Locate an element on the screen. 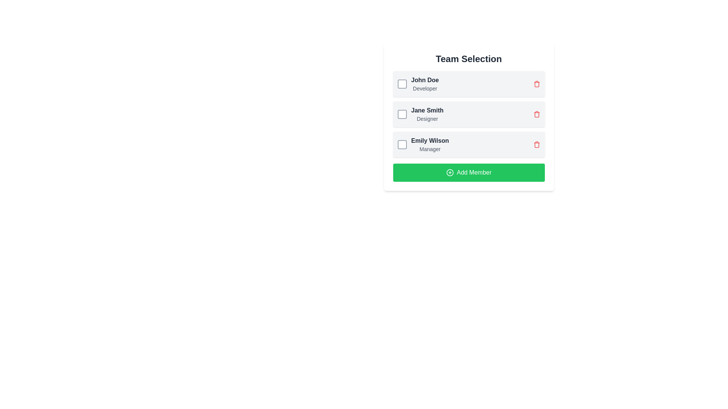  the informational text label that describes the role or position of the user 'Emily Wilson', located directly below her name in the third row of the team member list under 'Team Selection' is located at coordinates (430, 149).